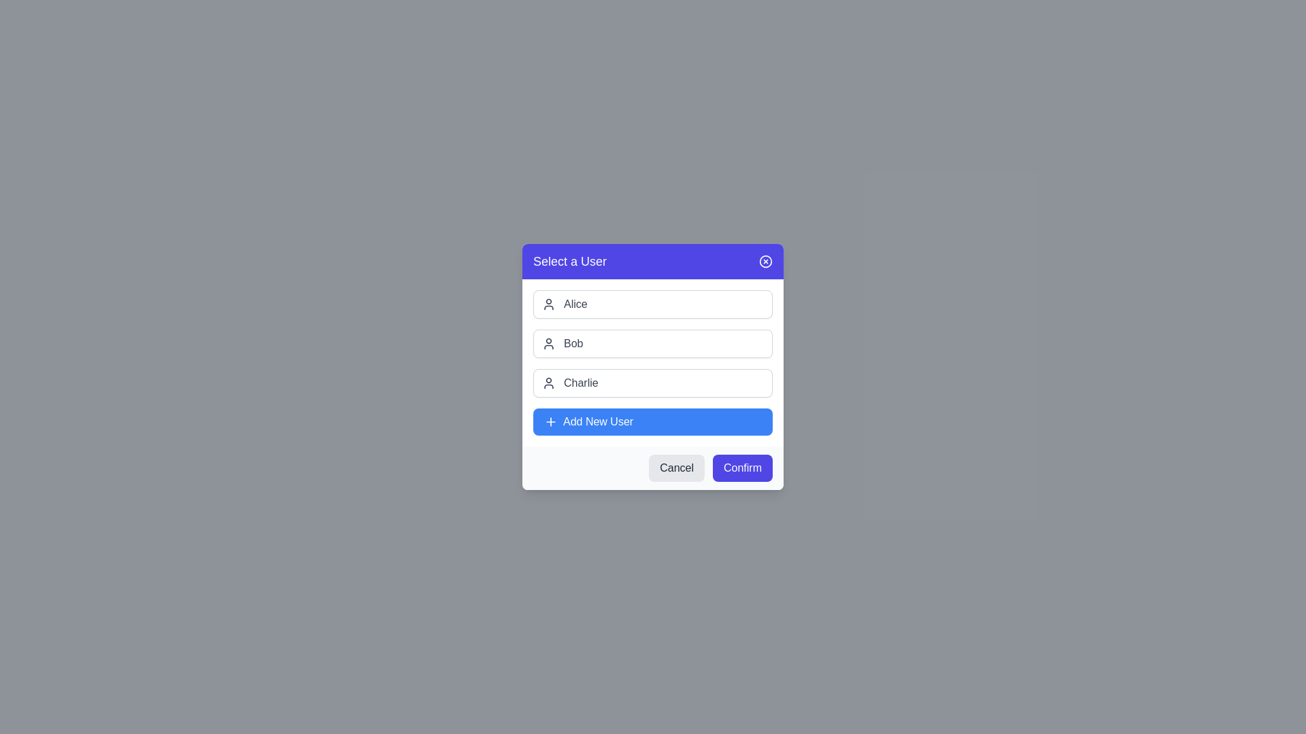 The width and height of the screenshot is (1306, 734). What do you see at coordinates (653, 343) in the screenshot?
I see `the button representing 'Bob'` at bounding box center [653, 343].